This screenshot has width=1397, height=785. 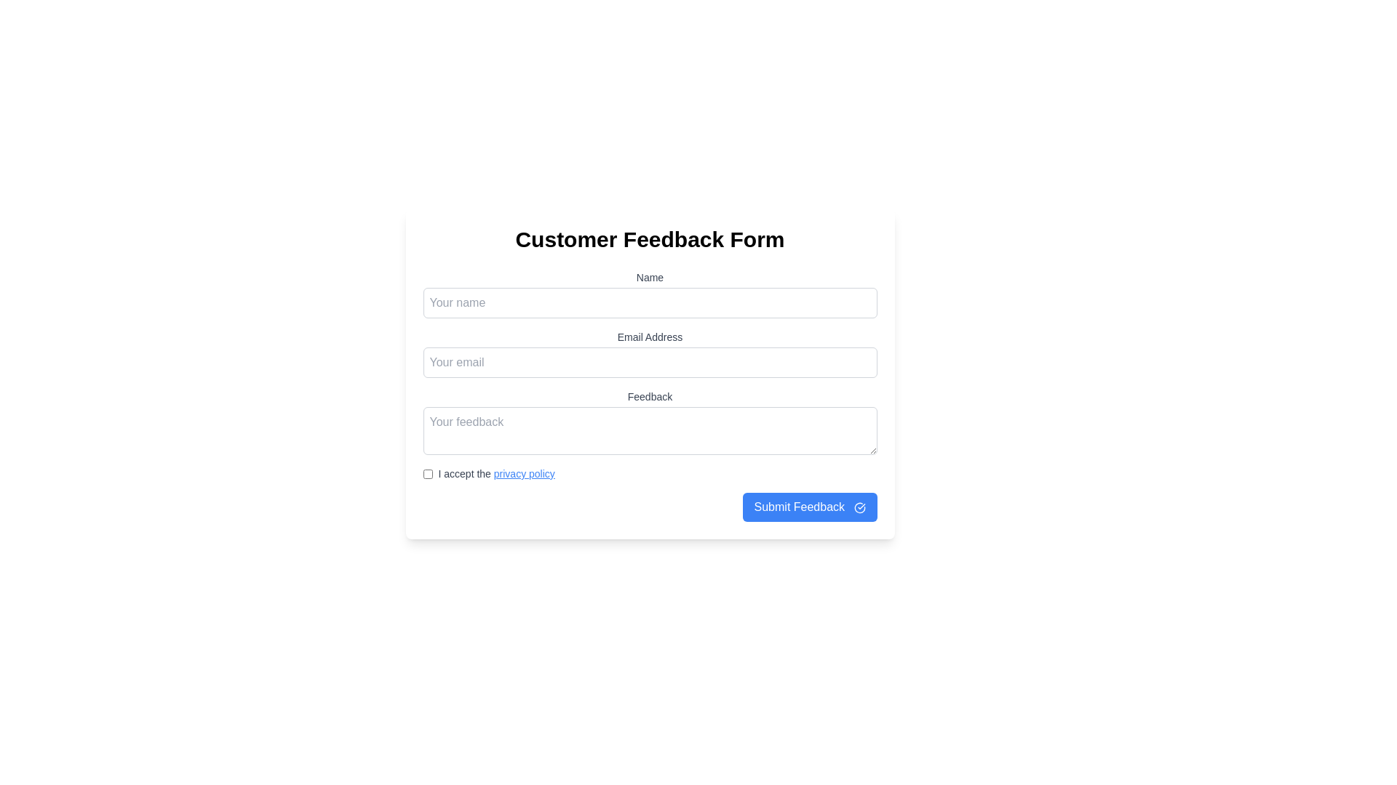 I want to click on label text that serves as a title for the feedback text input field located directly above it, so click(x=649, y=397).